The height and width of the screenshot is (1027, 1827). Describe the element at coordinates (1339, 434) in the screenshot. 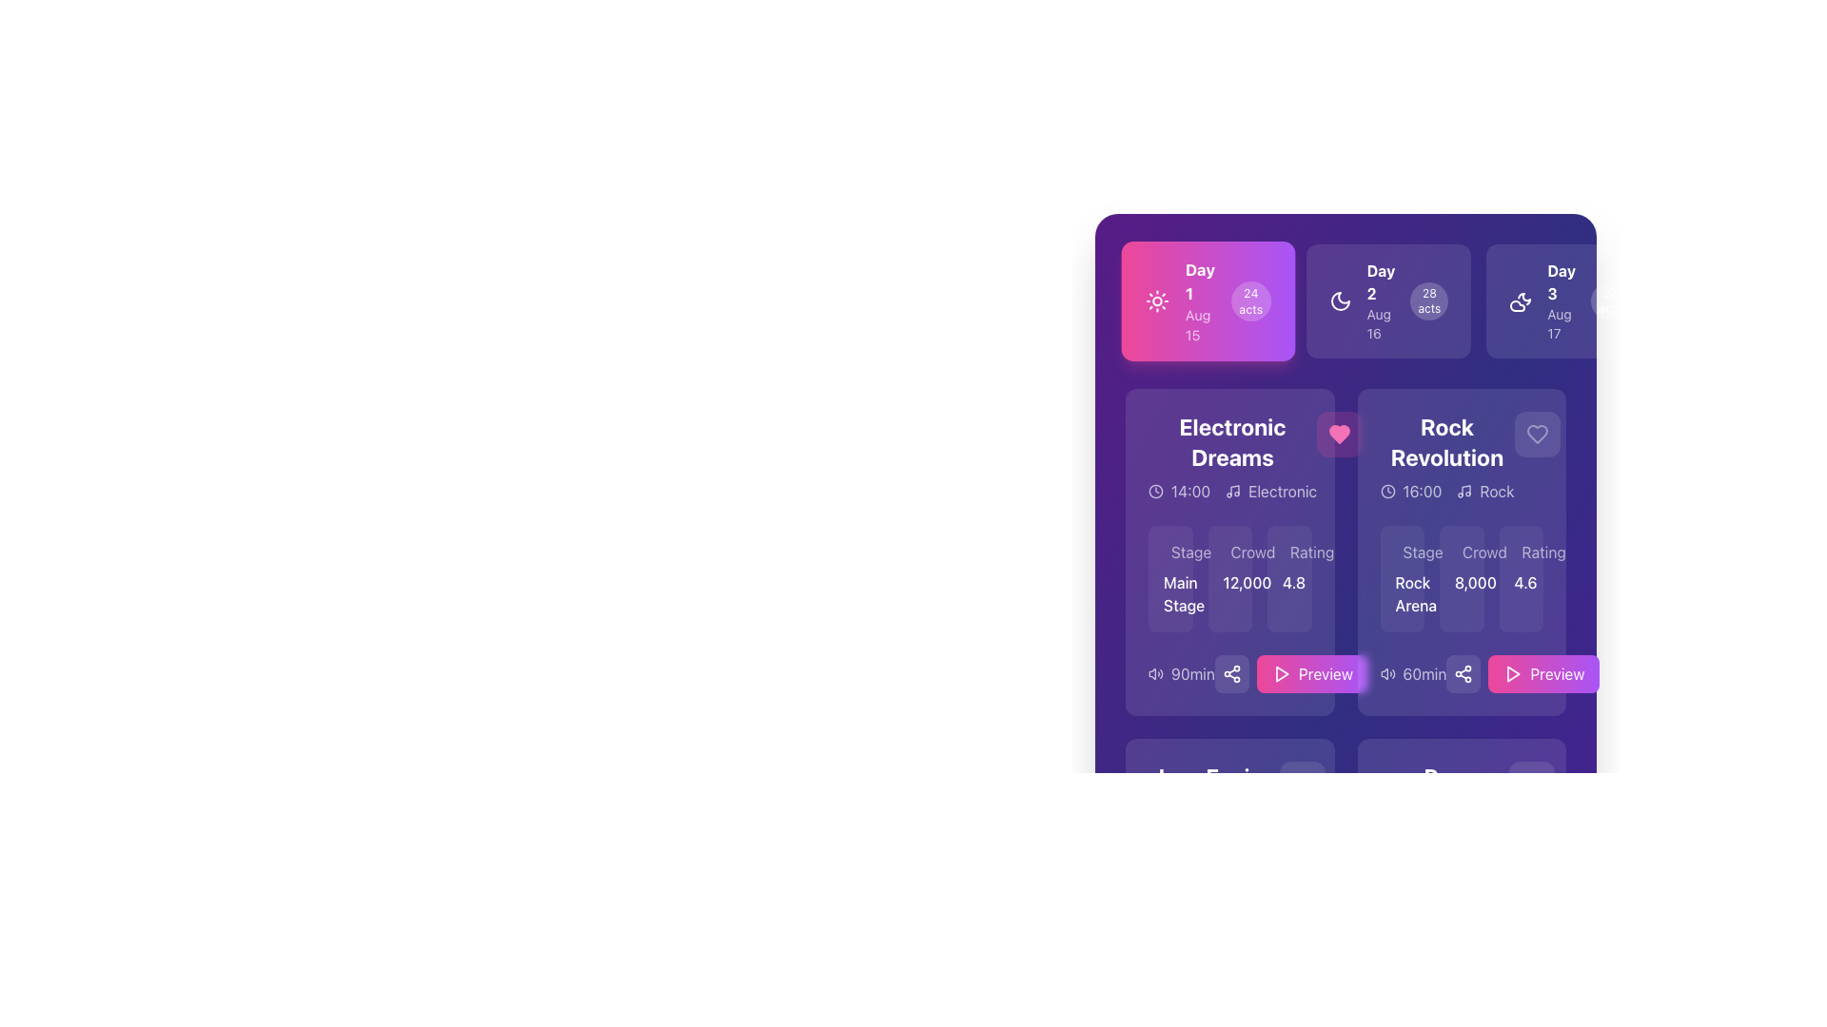

I see `the heart-shaped icon with a pink fill color to favorite the event, located to the right of the 'Electronic Dreams' title and above the event time and type information` at that location.